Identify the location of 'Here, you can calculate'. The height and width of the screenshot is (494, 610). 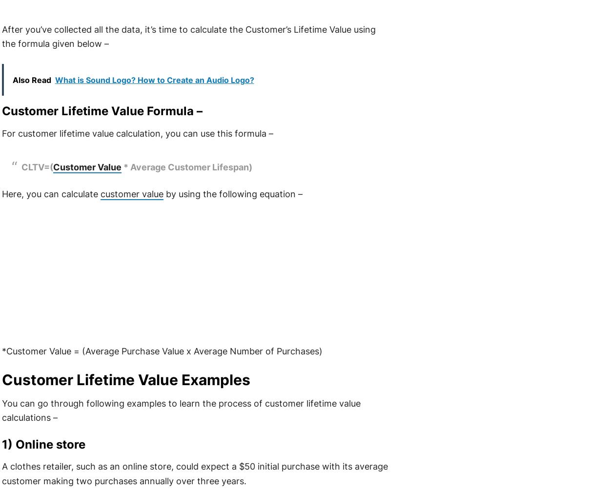
(50, 194).